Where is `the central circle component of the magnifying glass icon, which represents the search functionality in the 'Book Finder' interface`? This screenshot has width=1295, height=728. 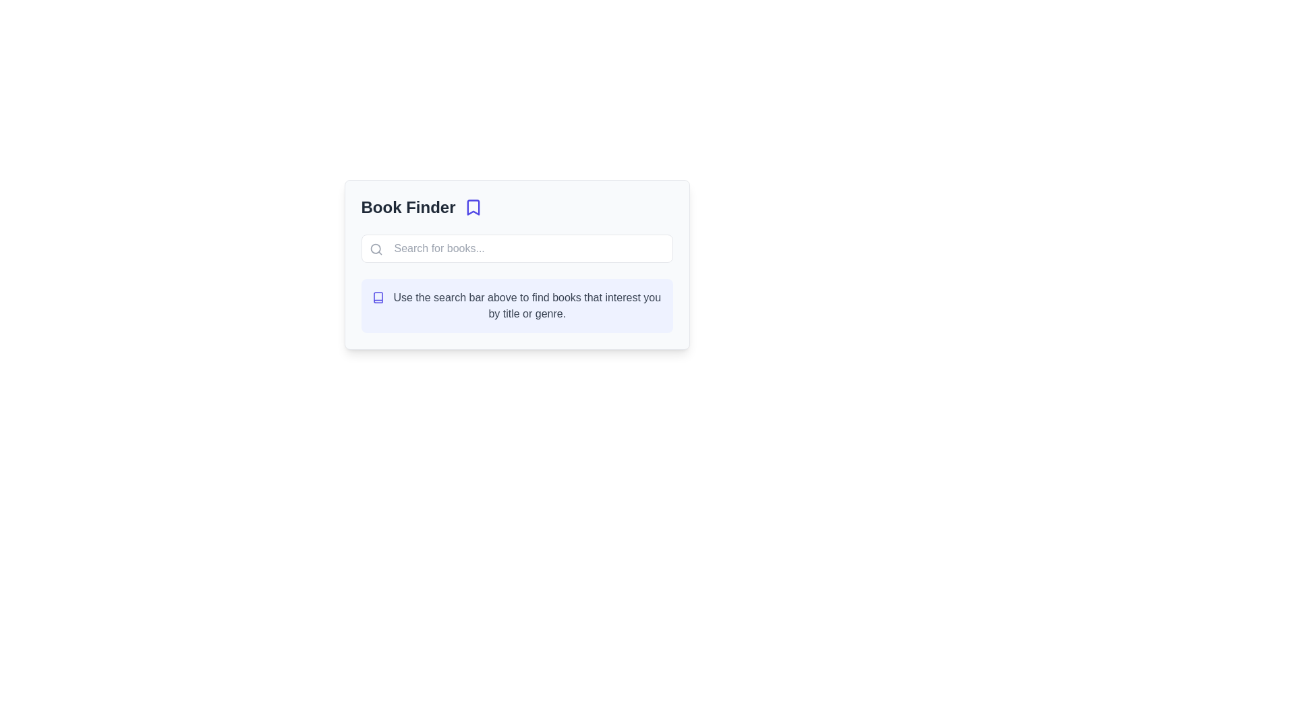
the central circle component of the magnifying glass icon, which represents the search functionality in the 'Book Finder' interface is located at coordinates (375, 249).